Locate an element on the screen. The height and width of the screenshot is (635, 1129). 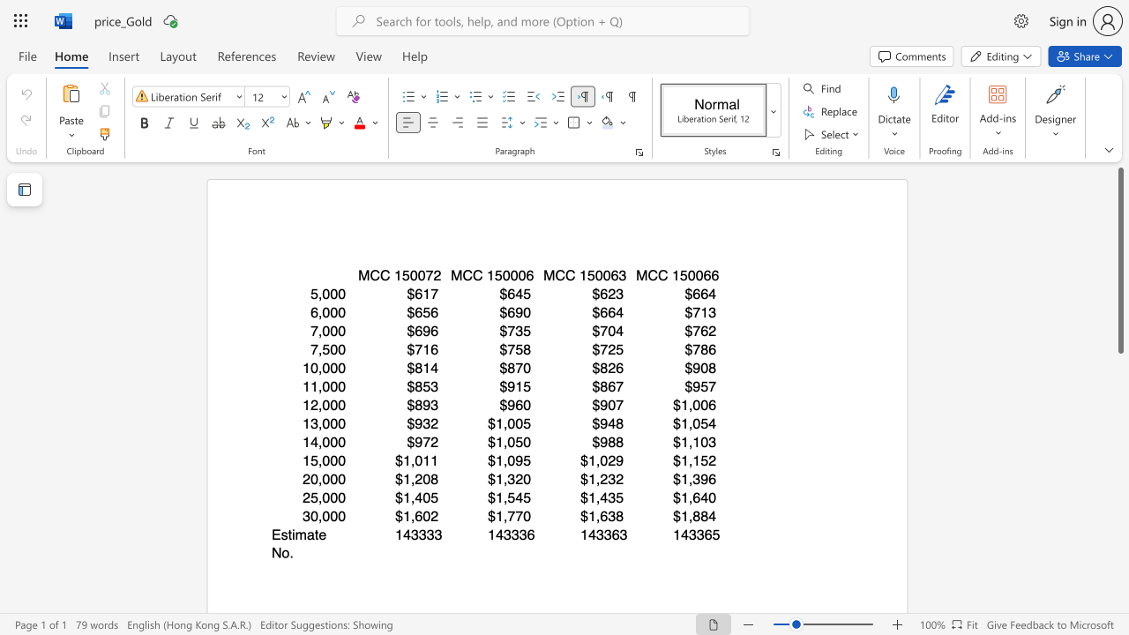
the page's right scrollbar for downward movement is located at coordinates (1119, 564).